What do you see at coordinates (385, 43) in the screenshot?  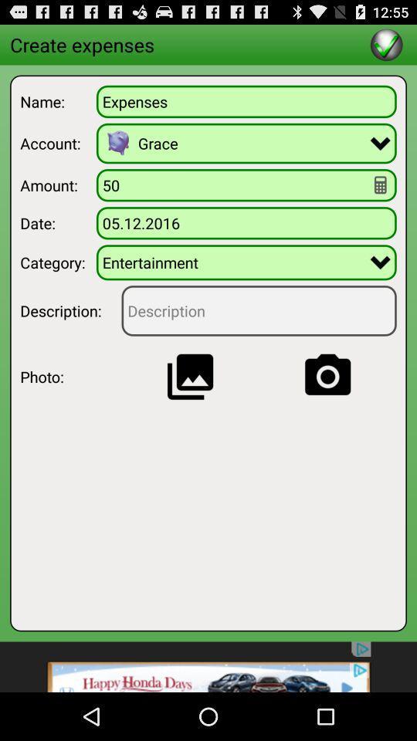 I see `finish data editing` at bounding box center [385, 43].